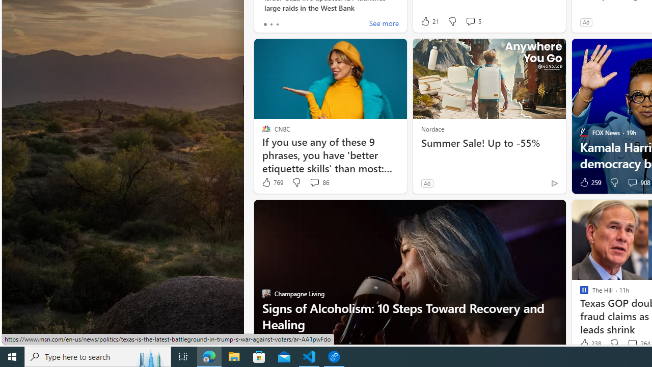 The image size is (652, 367). What do you see at coordinates (429, 21) in the screenshot?
I see `'21 Like'` at bounding box center [429, 21].